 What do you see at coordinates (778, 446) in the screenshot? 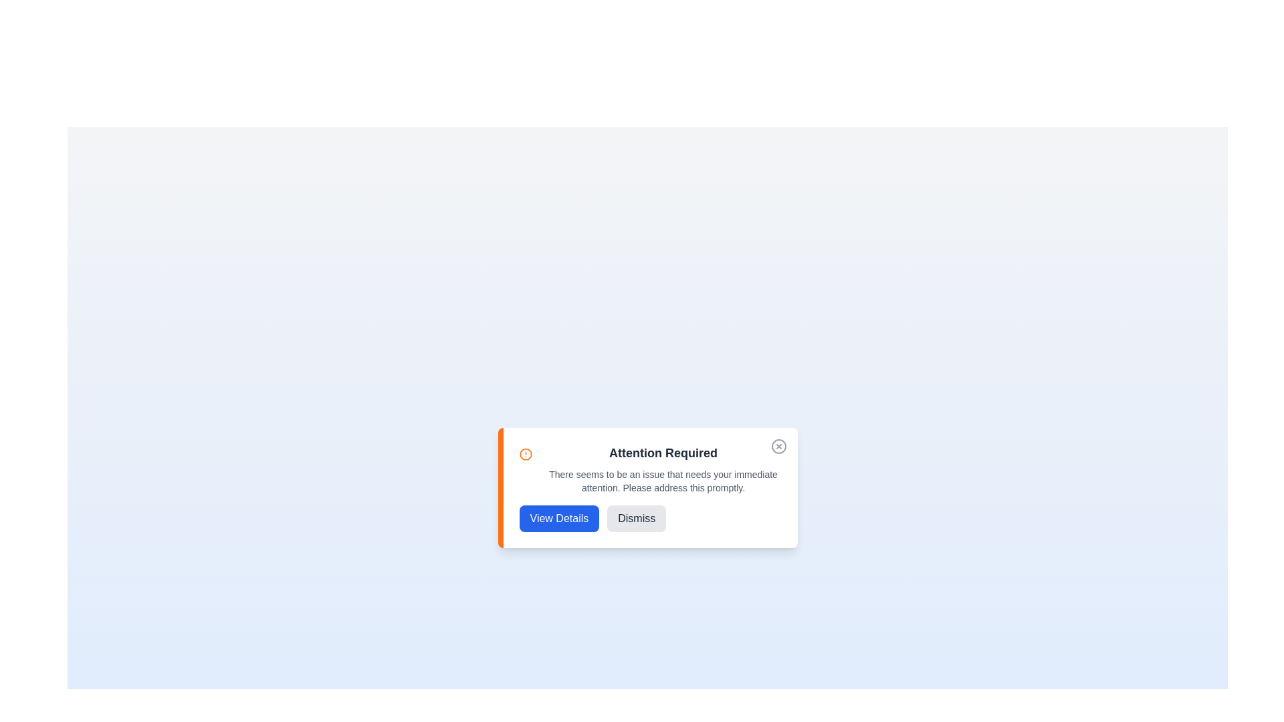
I see `the close button to dismiss the alert` at bounding box center [778, 446].